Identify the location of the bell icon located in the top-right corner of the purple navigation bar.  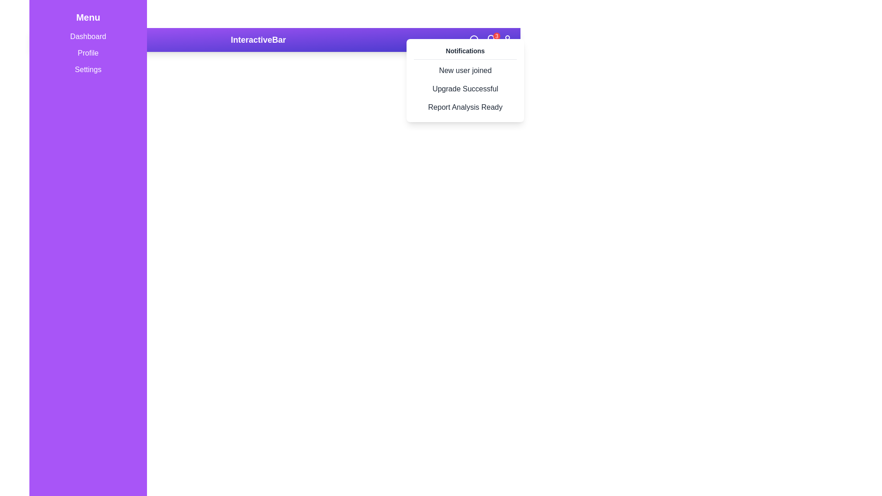
(496, 35).